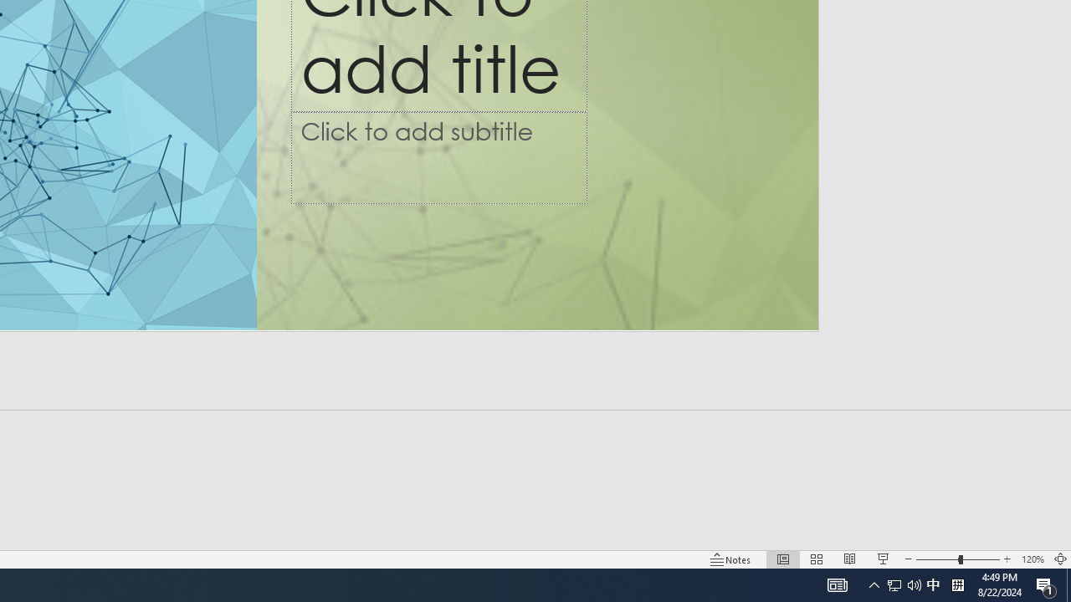  Describe the element at coordinates (849, 559) in the screenshot. I see `'Reading View'` at that location.